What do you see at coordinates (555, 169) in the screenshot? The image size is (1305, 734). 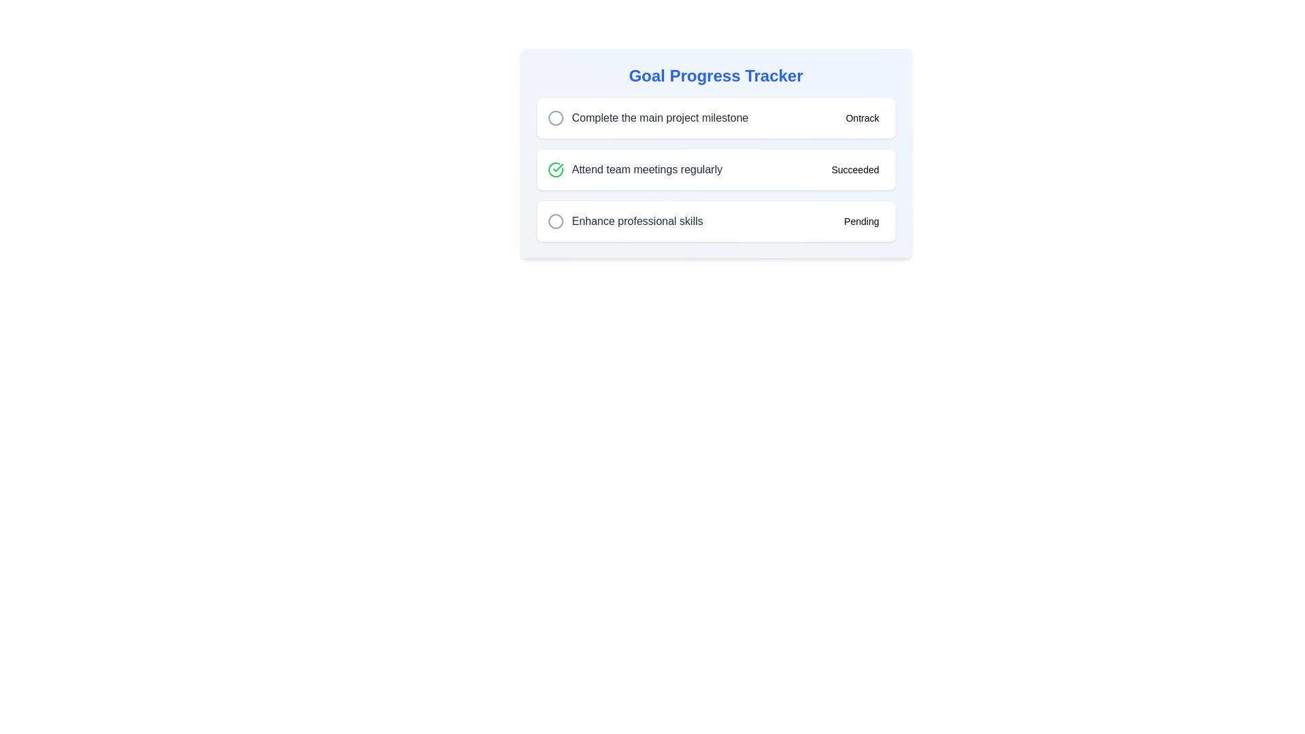 I see `the green checkmark icon in the 'Goal Progress Tracker' section, which signifies success next to the text 'Attend team meetings regularly'` at bounding box center [555, 169].